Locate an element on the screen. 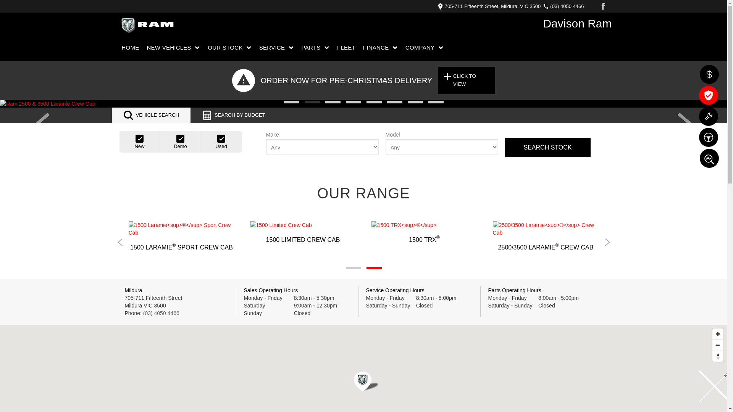  'Zoom out' is located at coordinates (717, 345).